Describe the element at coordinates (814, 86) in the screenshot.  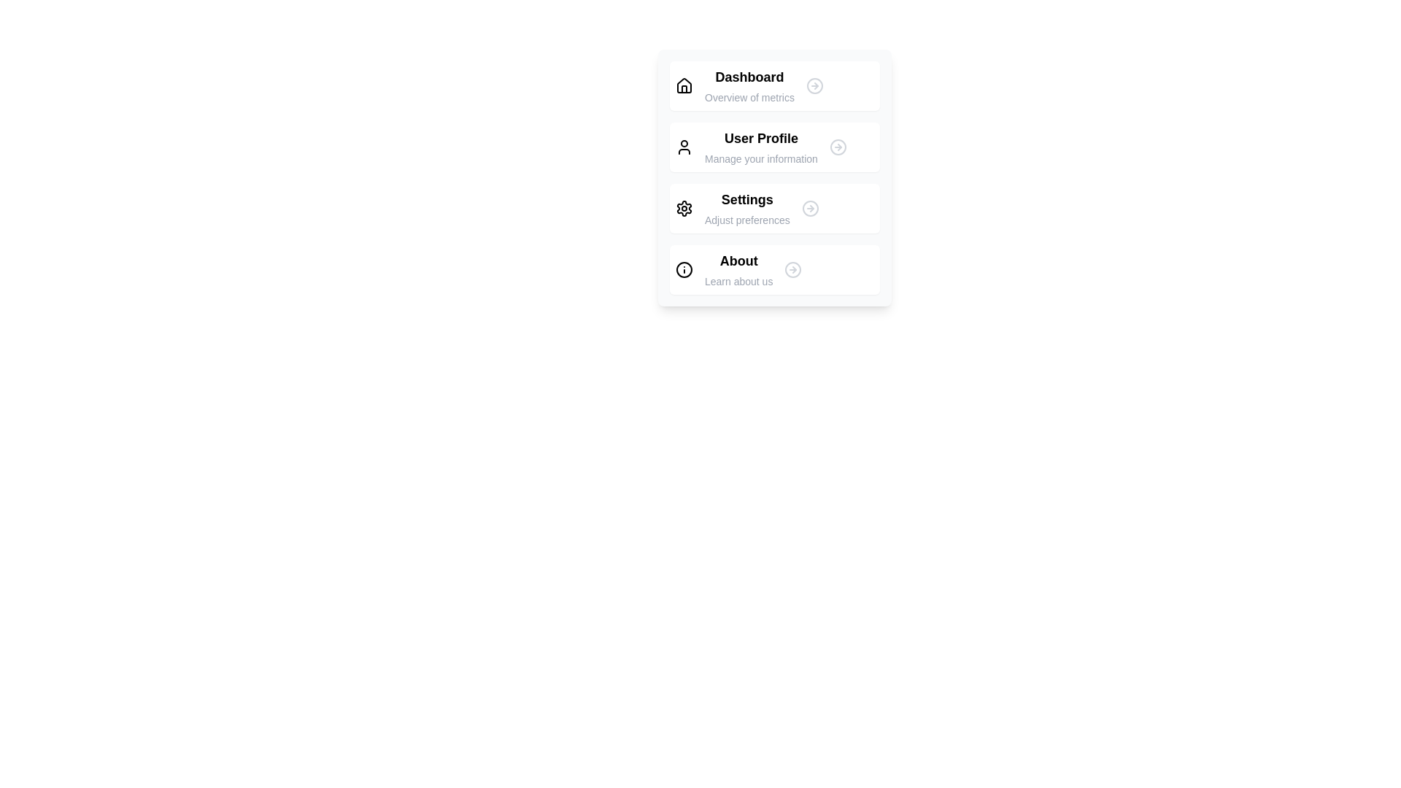
I see `the circle SVG element that is part of the arrow-circle icon located near the top-right section of the 'Dashboard' list item in the application menu` at that location.